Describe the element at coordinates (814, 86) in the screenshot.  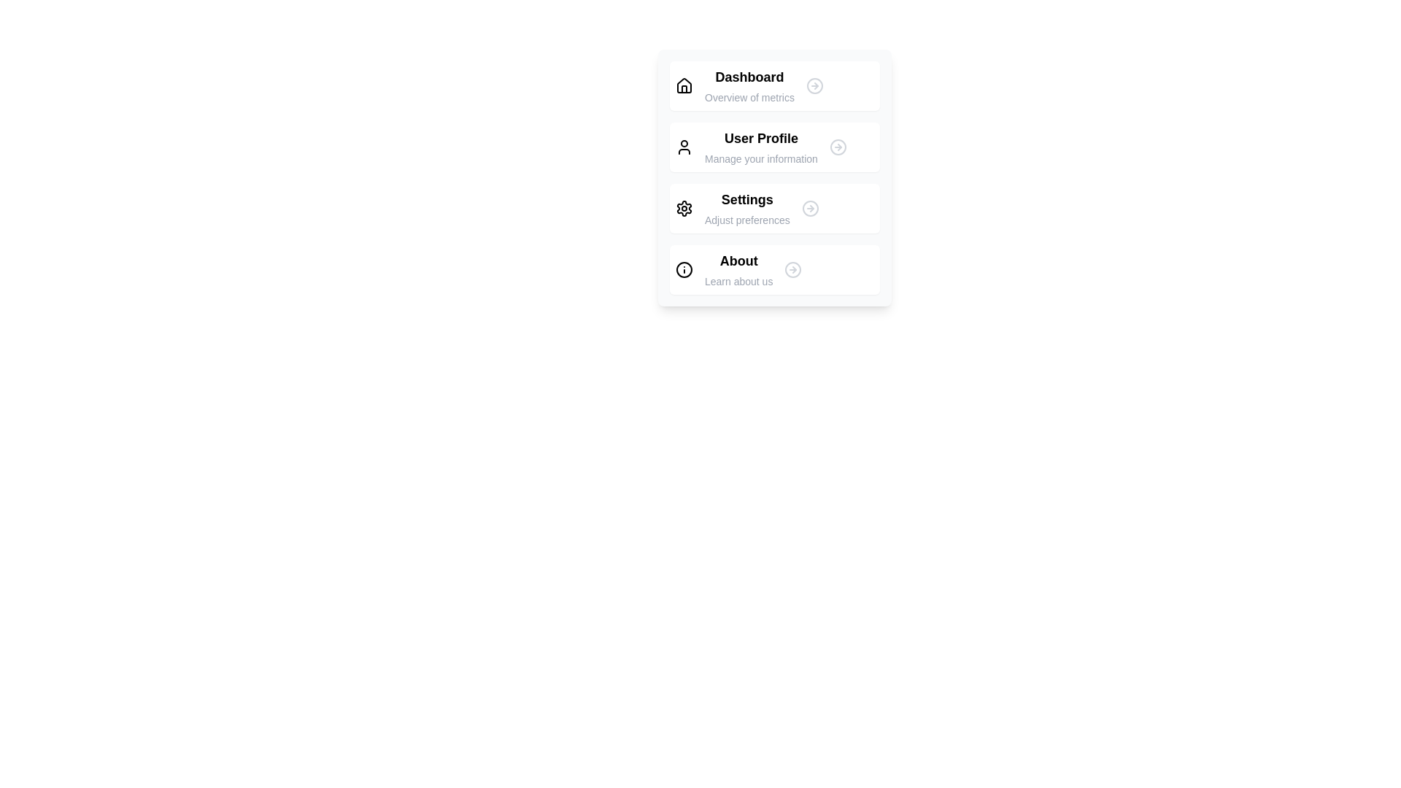
I see `the circle SVG element that is part of the arrow-circle icon located near the top-right section of the 'Dashboard' list item in the application menu` at that location.